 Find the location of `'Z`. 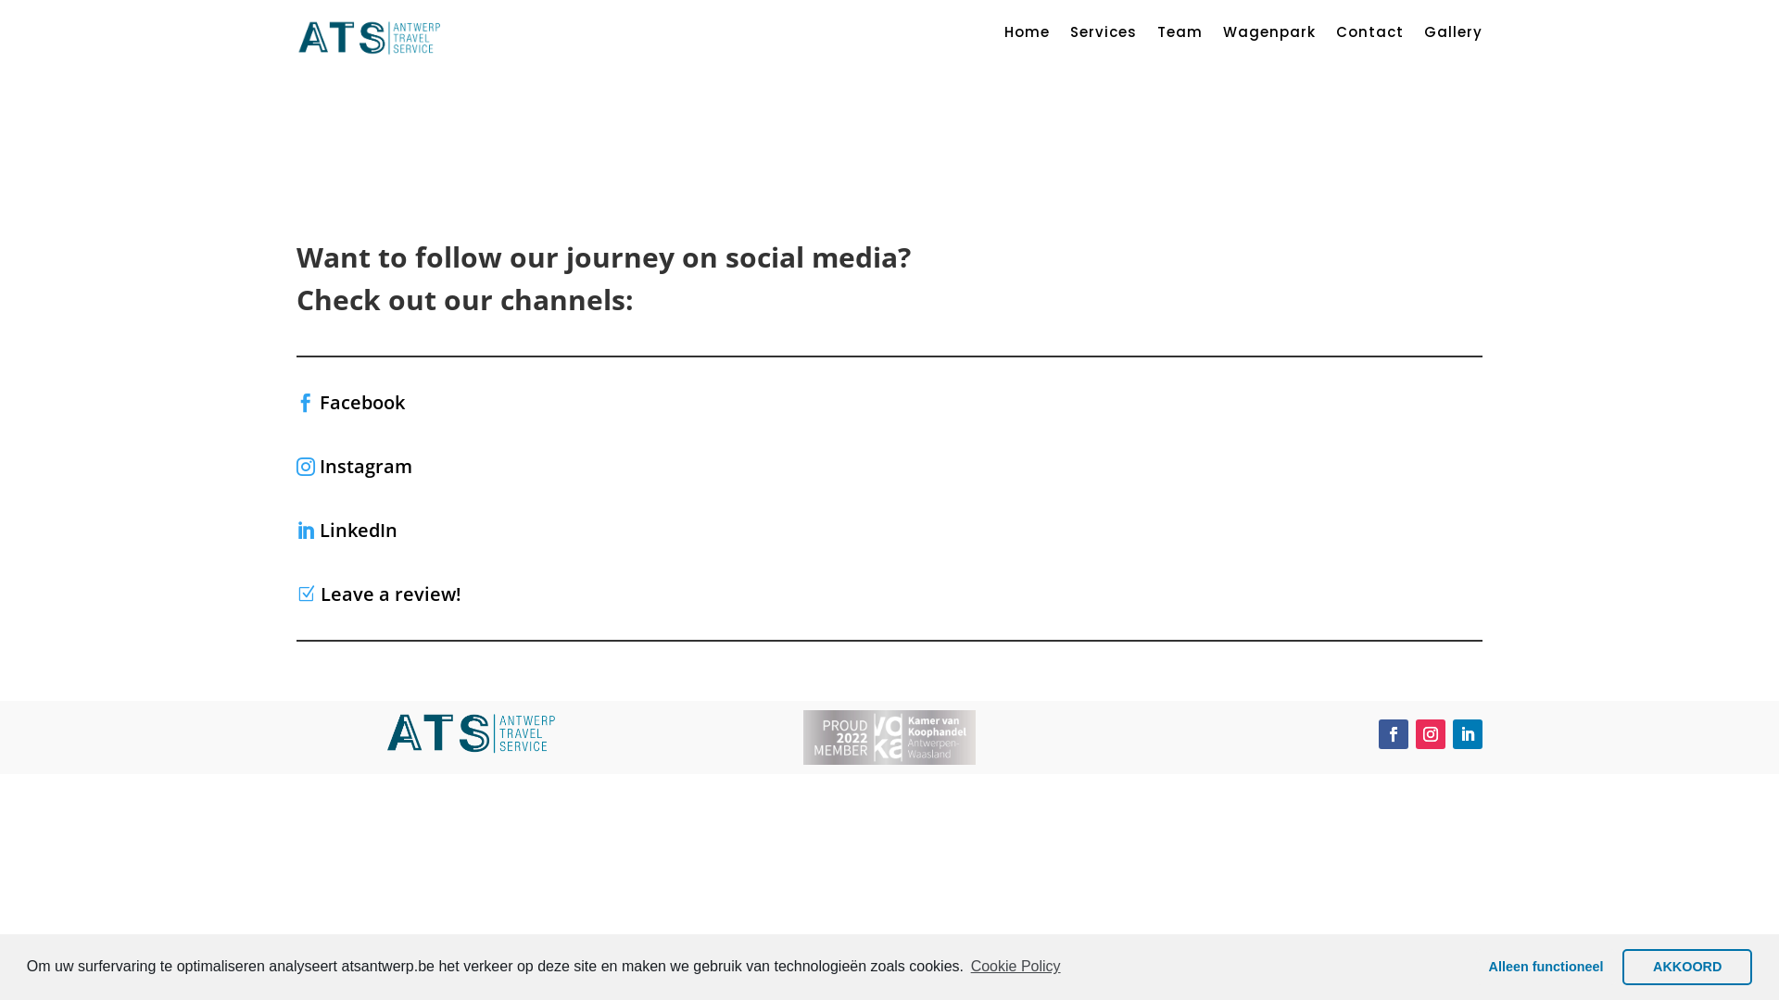

'Z is located at coordinates (377, 594).